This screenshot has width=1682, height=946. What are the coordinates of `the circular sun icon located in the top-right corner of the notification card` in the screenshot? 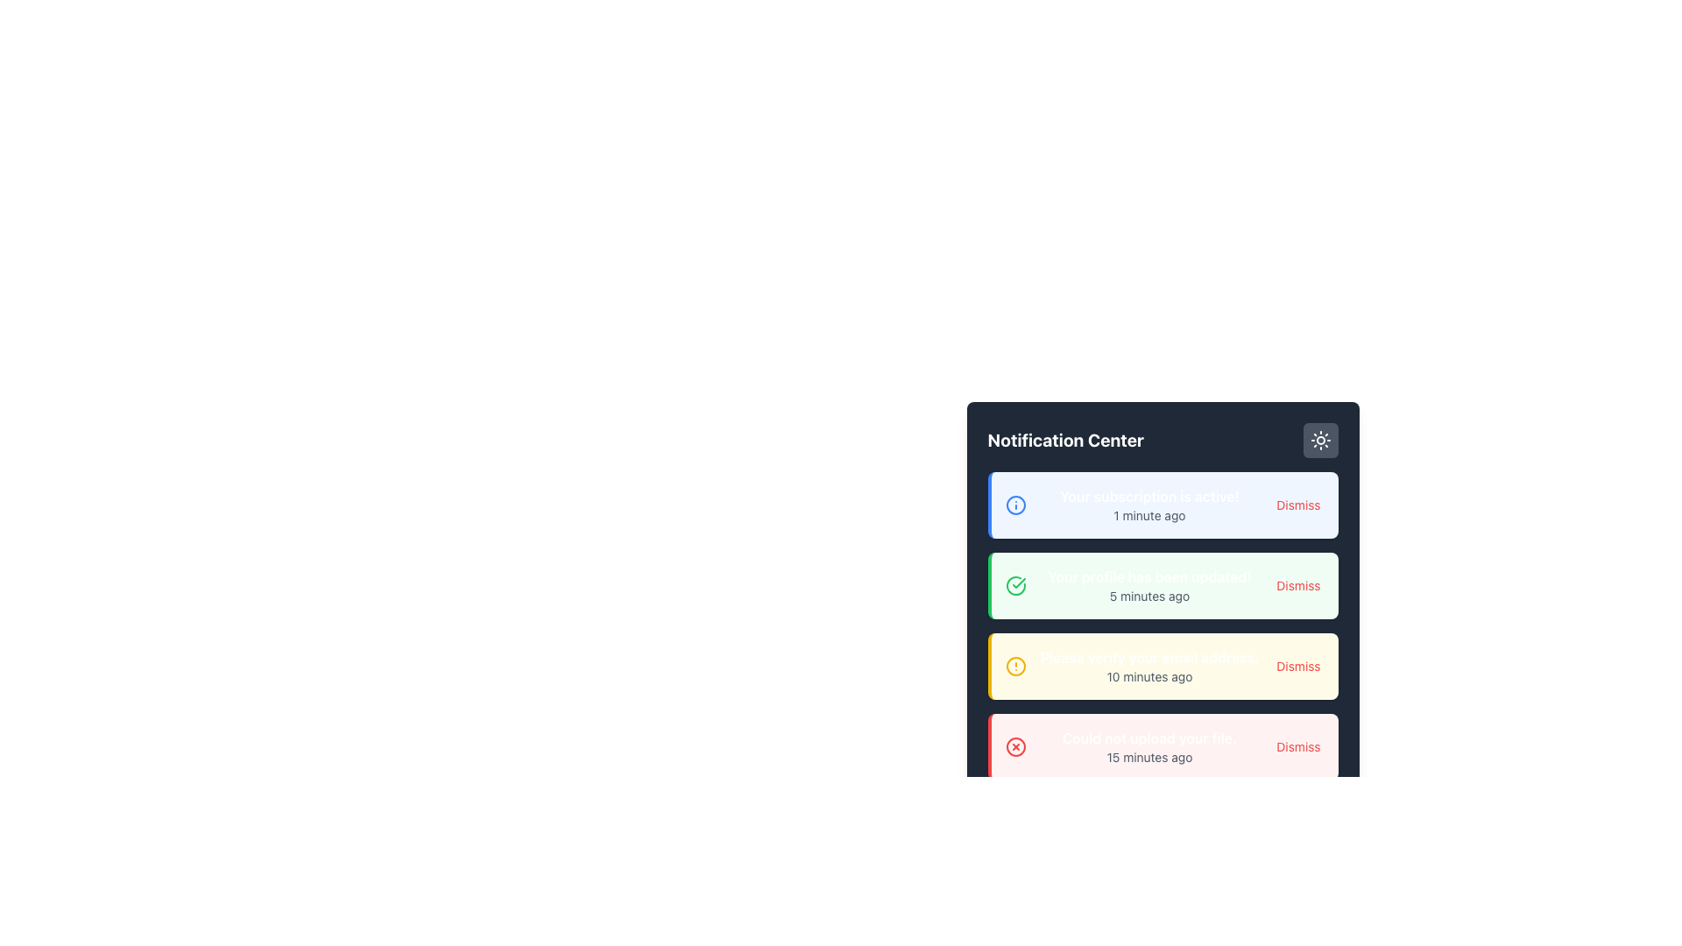 It's located at (1320, 439).